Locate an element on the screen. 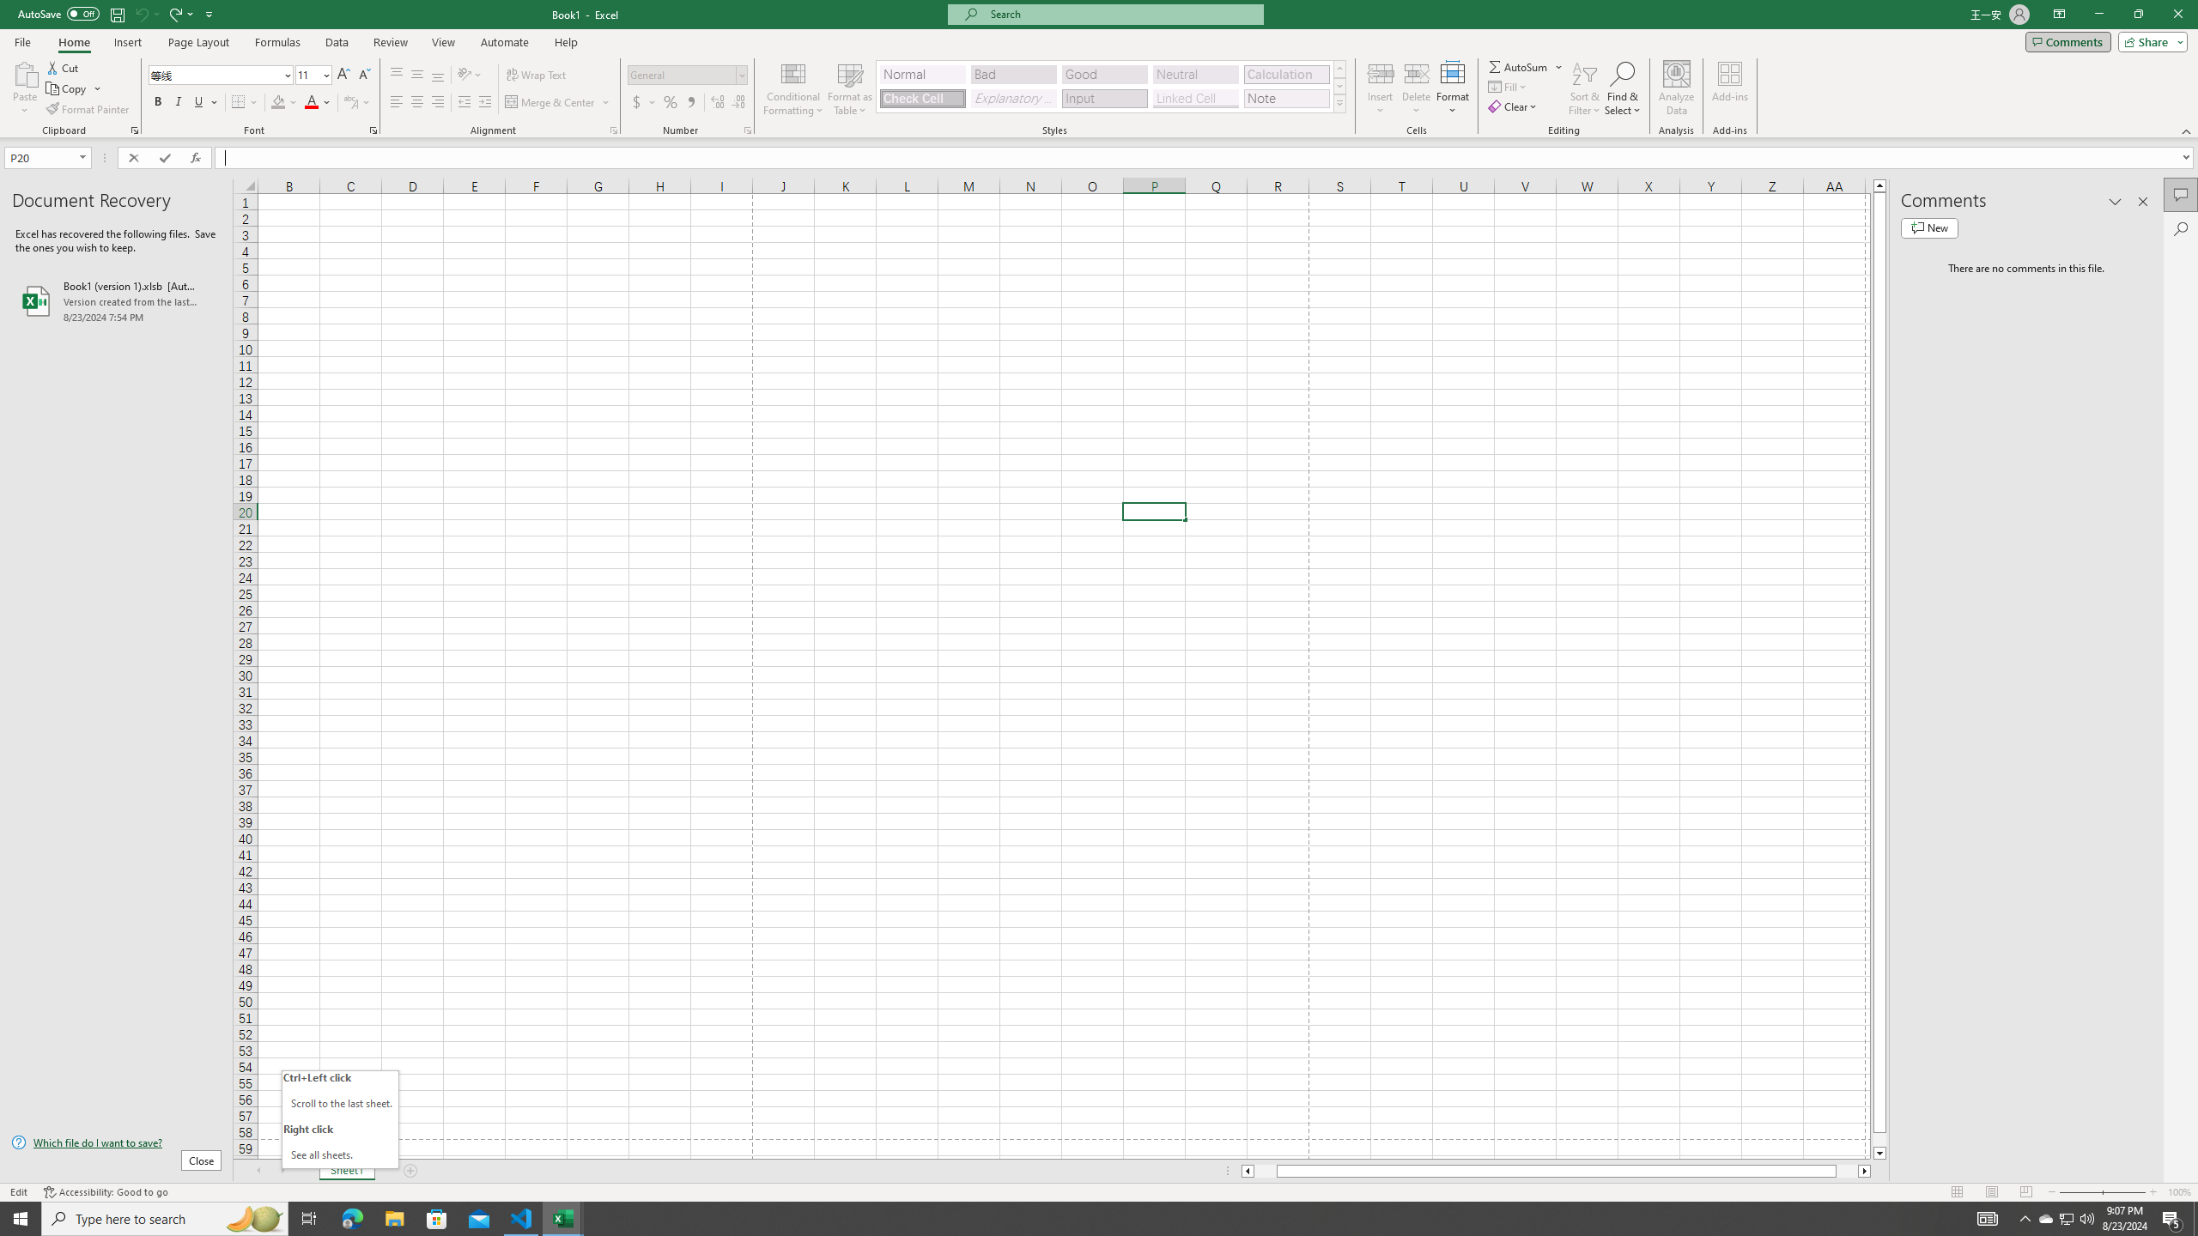 The width and height of the screenshot is (2198, 1236). 'Sort & Filter' is located at coordinates (1583, 88).